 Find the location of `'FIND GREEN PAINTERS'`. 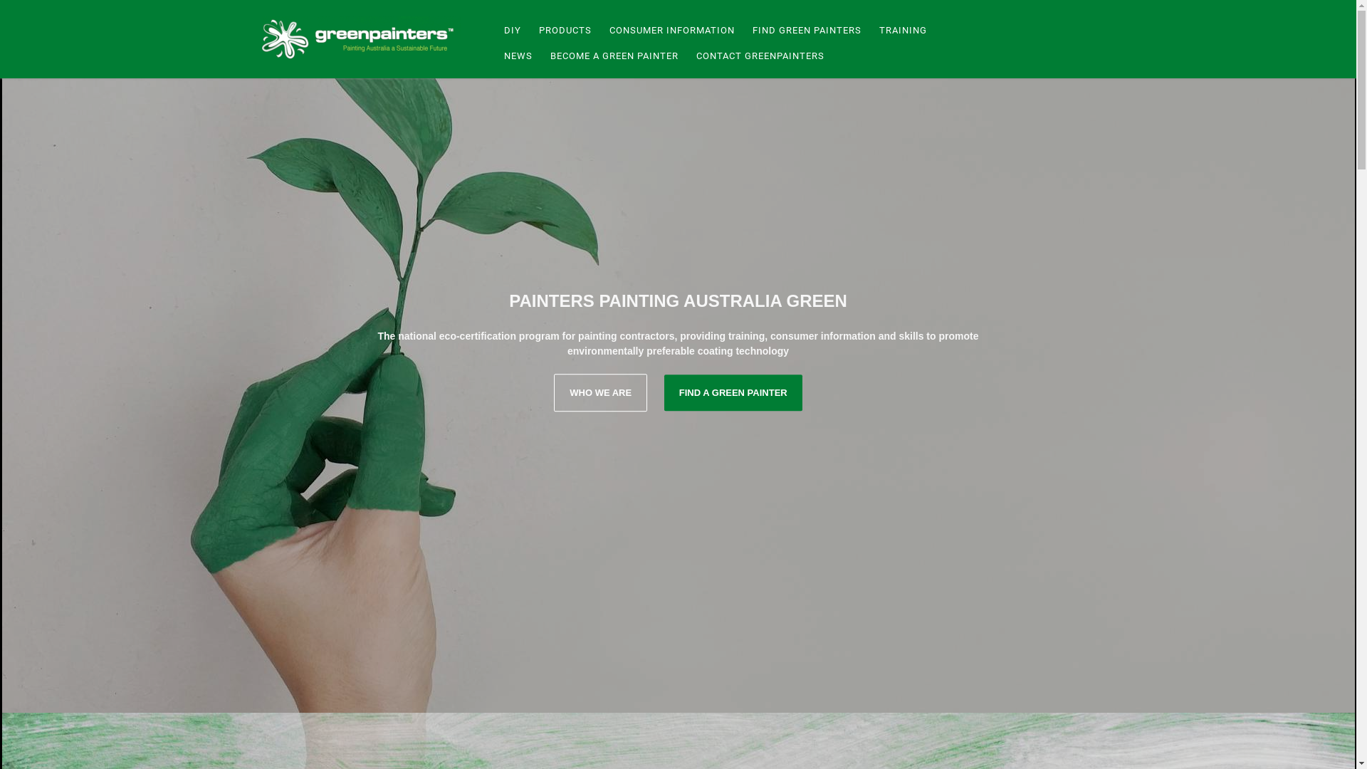

'FIND GREEN PAINTERS' is located at coordinates (805, 30).